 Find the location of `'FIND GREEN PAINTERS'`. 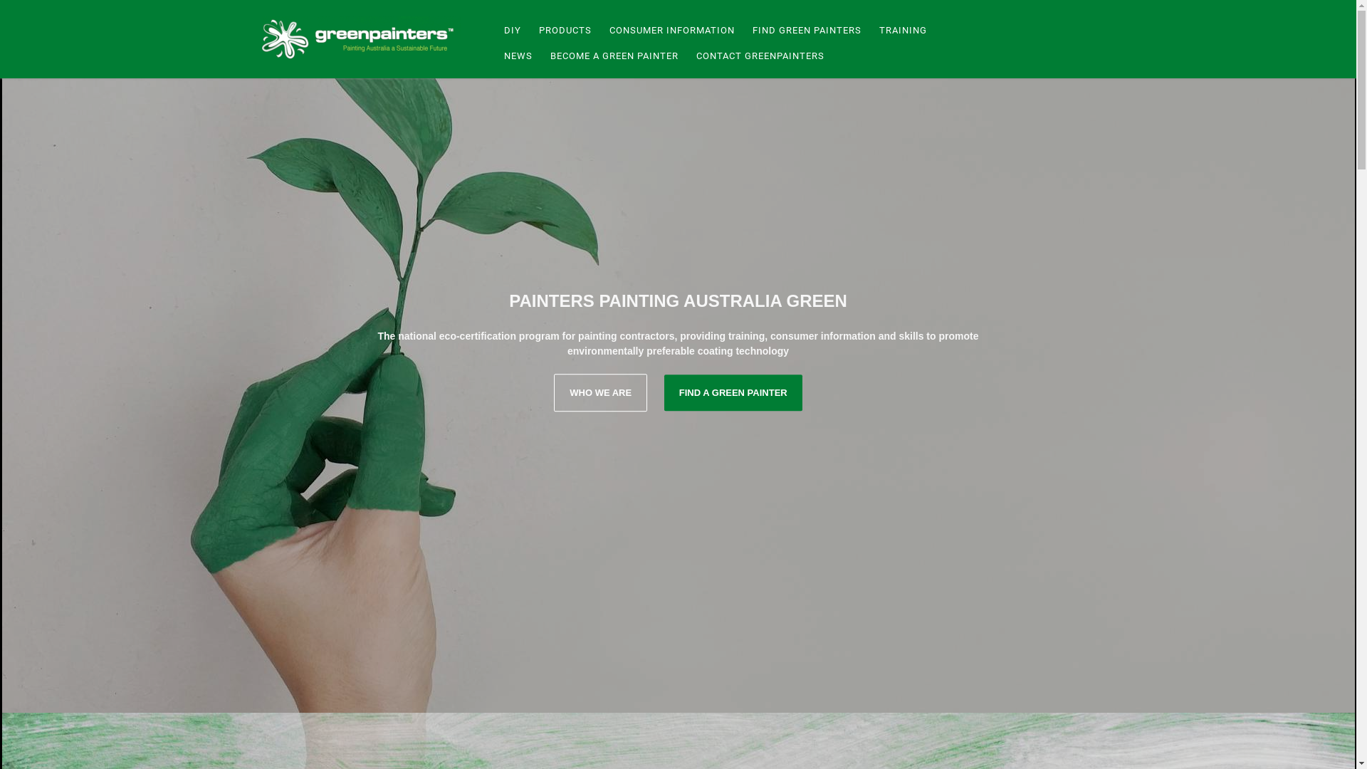

'FIND GREEN PAINTERS' is located at coordinates (805, 30).